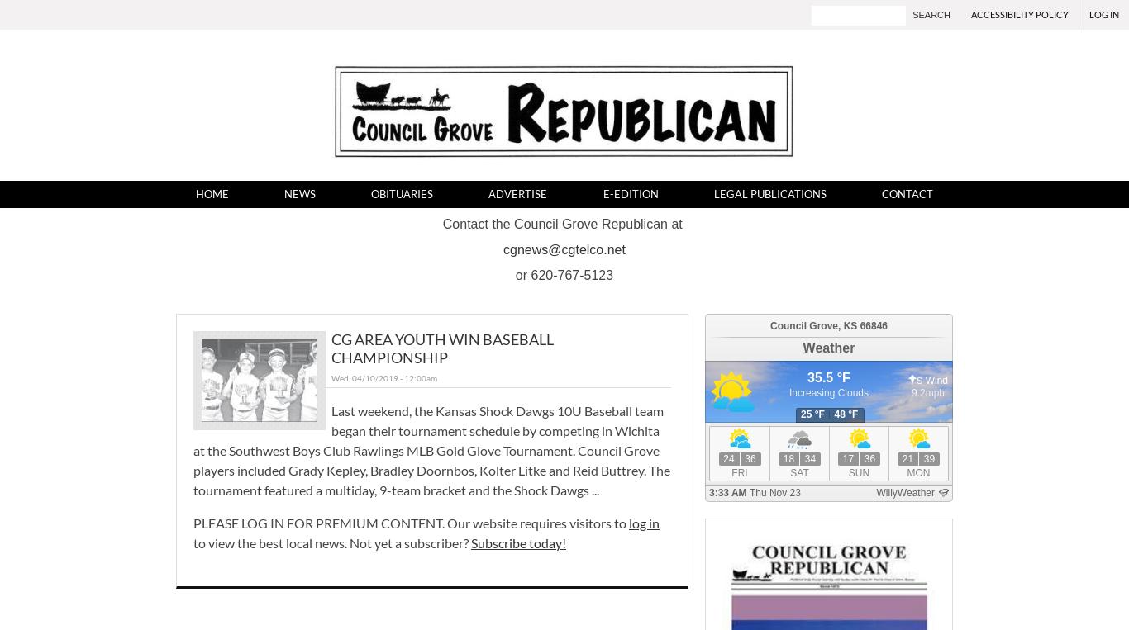 Image resolution: width=1129 pixels, height=630 pixels. Describe the element at coordinates (1020, 13) in the screenshot. I see `'Accessibility Policy'` at that location.